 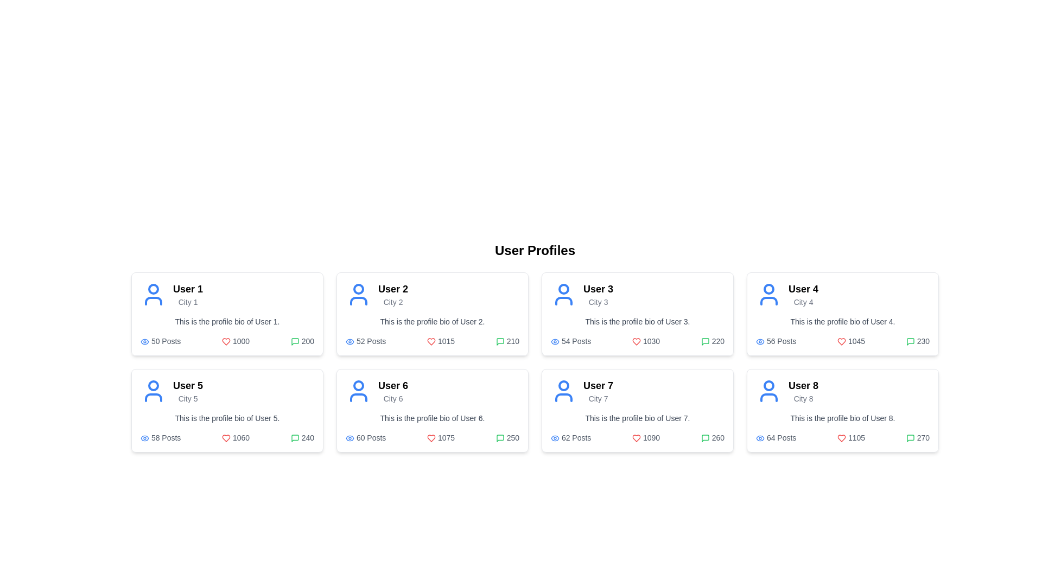 I want to click on the statistics display for User 6, which includes the texts '60 Posts', '1075', and '250' with their respective icons, so click(x=431, y=437).